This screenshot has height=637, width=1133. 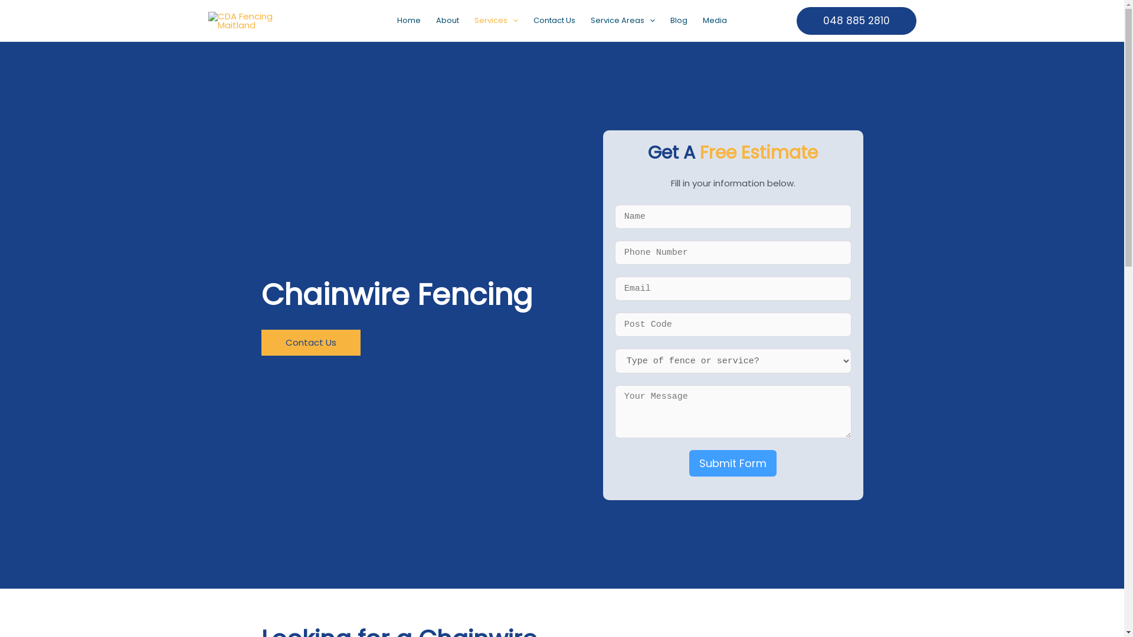 What do you see at coordinates (679, 20) in the screenshot?
I see `'Blog'` at bounding box center [679, 20].